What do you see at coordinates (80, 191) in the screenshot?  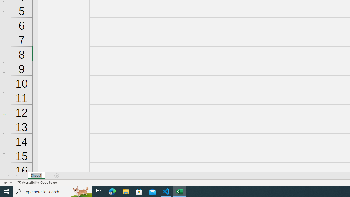 I see `'Search highlights icon opens search home window'` at bounding box center [80, 191].